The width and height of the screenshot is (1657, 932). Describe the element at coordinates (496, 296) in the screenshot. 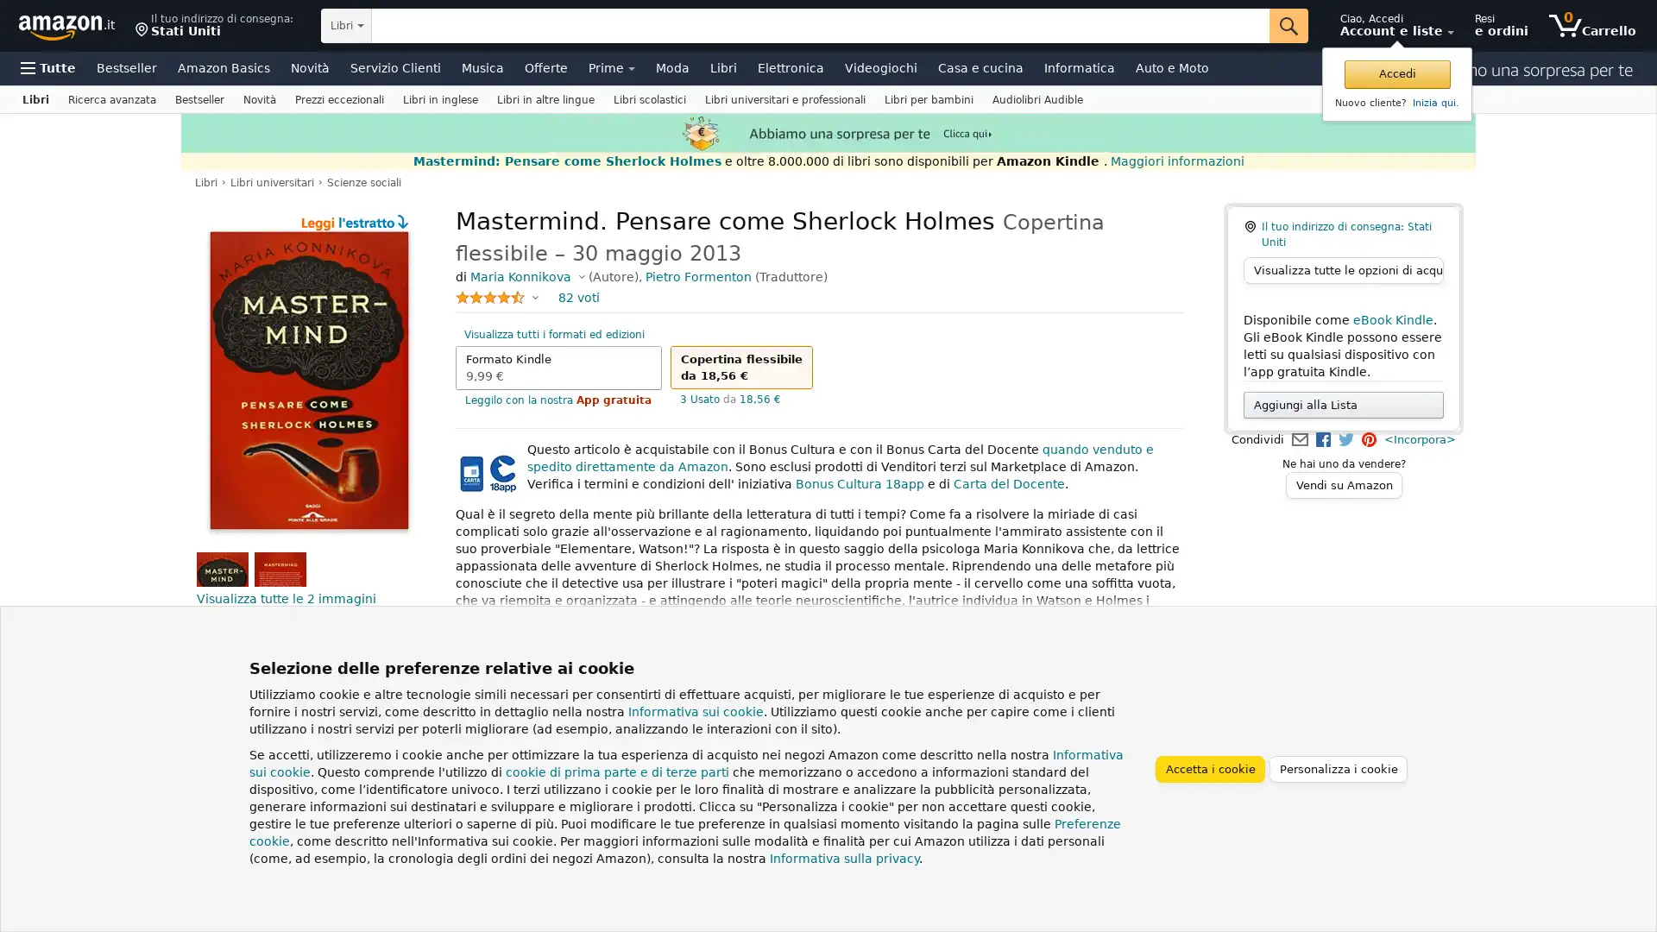

I see `4,4 su 5 stelle` at that location.